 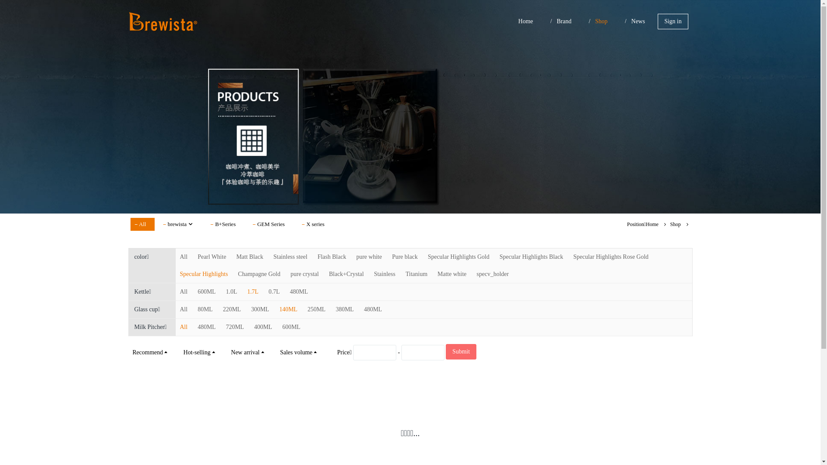 I want to click on 'Specular Highlights Rose Gold', so click(x=610, y=256).